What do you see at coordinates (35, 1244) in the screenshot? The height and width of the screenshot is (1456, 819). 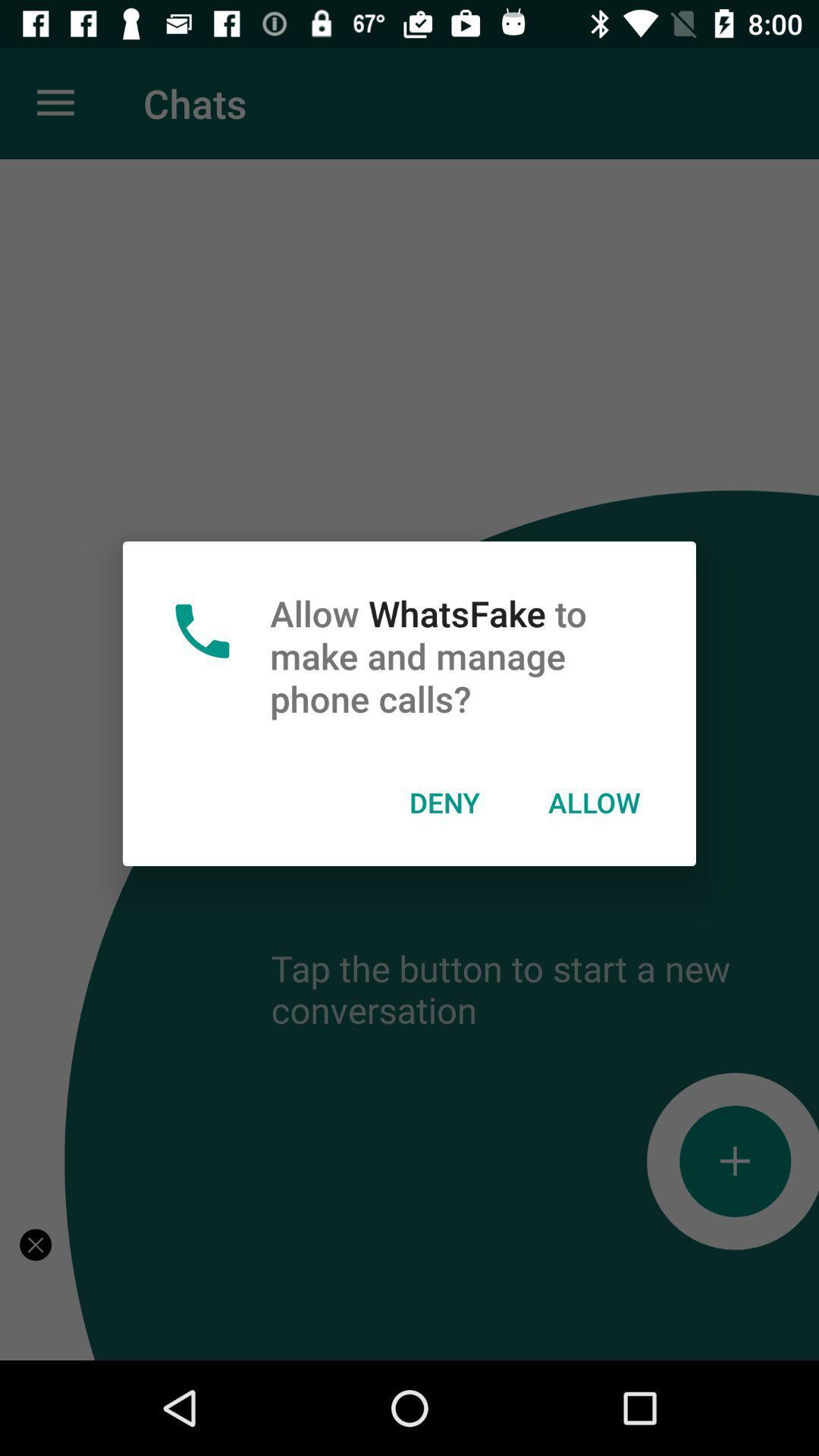 I see `the close icon` at bounding box center [35, 1244].